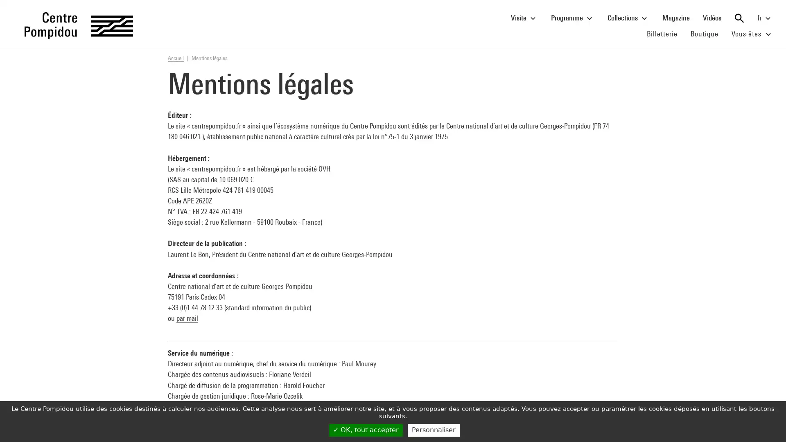  Describe the element at coordinates (365, 430) in the screenshot. I see `OK, tout accepter` at that location.